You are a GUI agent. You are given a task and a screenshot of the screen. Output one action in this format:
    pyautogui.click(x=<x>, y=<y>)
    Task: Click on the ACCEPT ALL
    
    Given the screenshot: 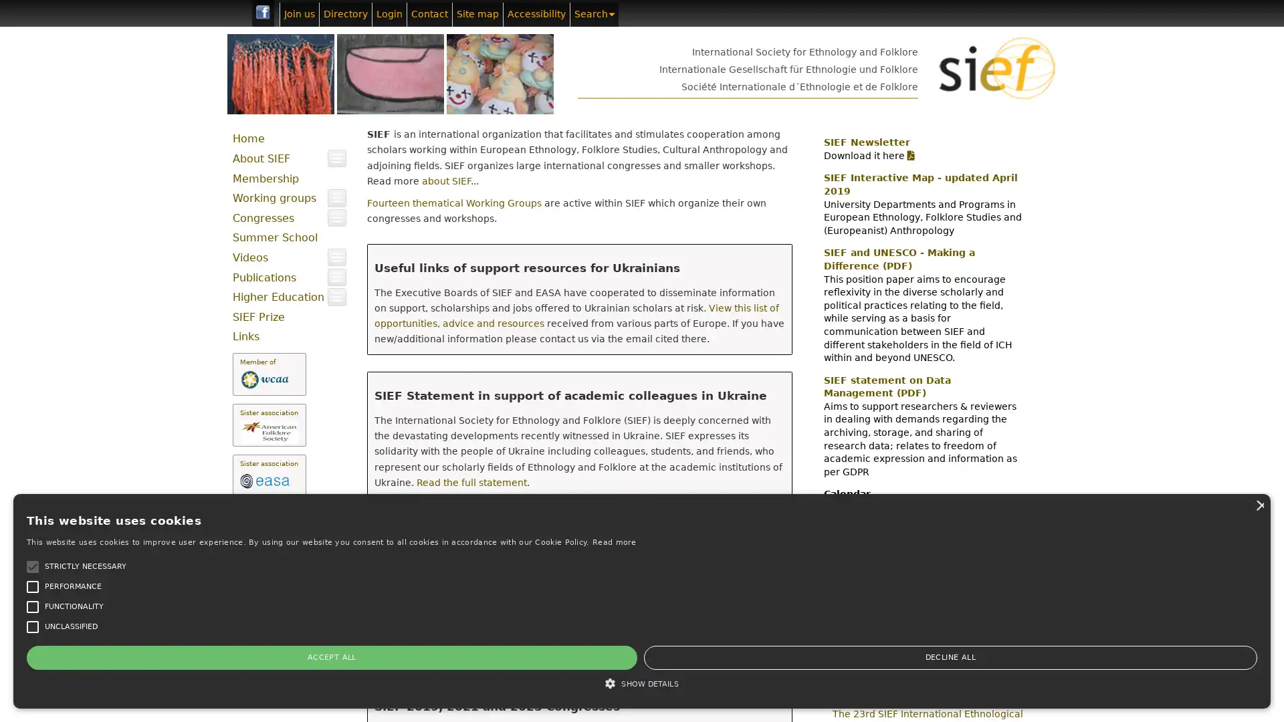 What is the action you would take?
    pyautogui.click(x=66, y=656)
    